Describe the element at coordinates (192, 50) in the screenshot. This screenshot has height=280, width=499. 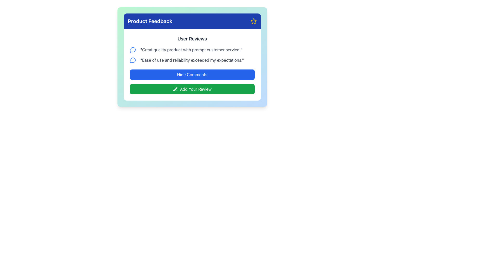
I see `first review text in the 'User Reviews' section of the 'Product Feedback' panel, which is a static display of customer feedback` at that location.